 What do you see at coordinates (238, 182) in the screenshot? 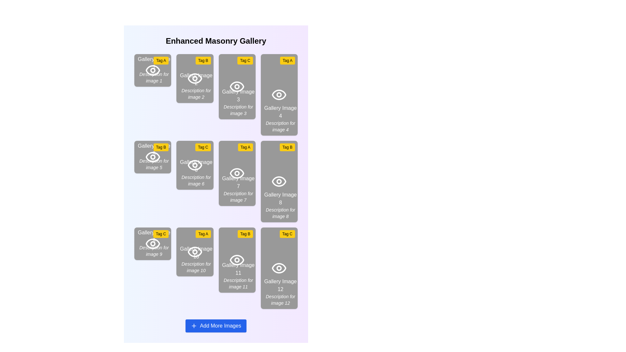
I see `the text label that reads 'Gallery Image 7' which is styled in medium font on a gray background, located in the third row, second column of the gallery grid` at bounding box center [238, 182].